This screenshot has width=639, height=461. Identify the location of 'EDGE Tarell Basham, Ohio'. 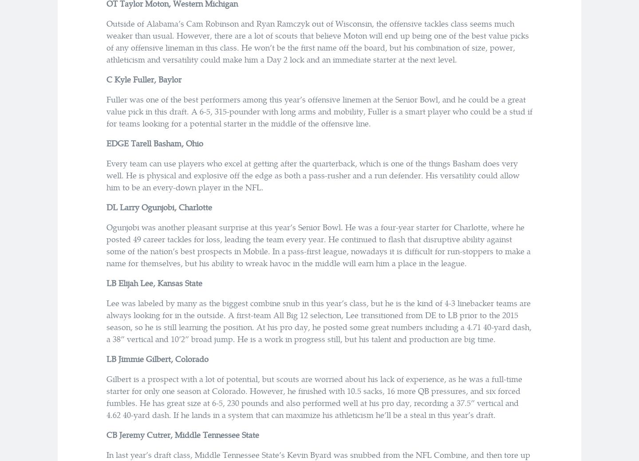
(155, 143).